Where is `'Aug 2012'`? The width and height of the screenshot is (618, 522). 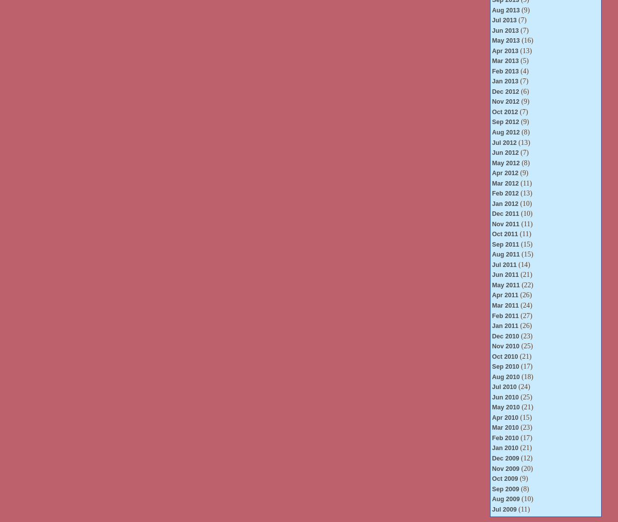 'Aug 2012' is located at coordinates (491, 132).